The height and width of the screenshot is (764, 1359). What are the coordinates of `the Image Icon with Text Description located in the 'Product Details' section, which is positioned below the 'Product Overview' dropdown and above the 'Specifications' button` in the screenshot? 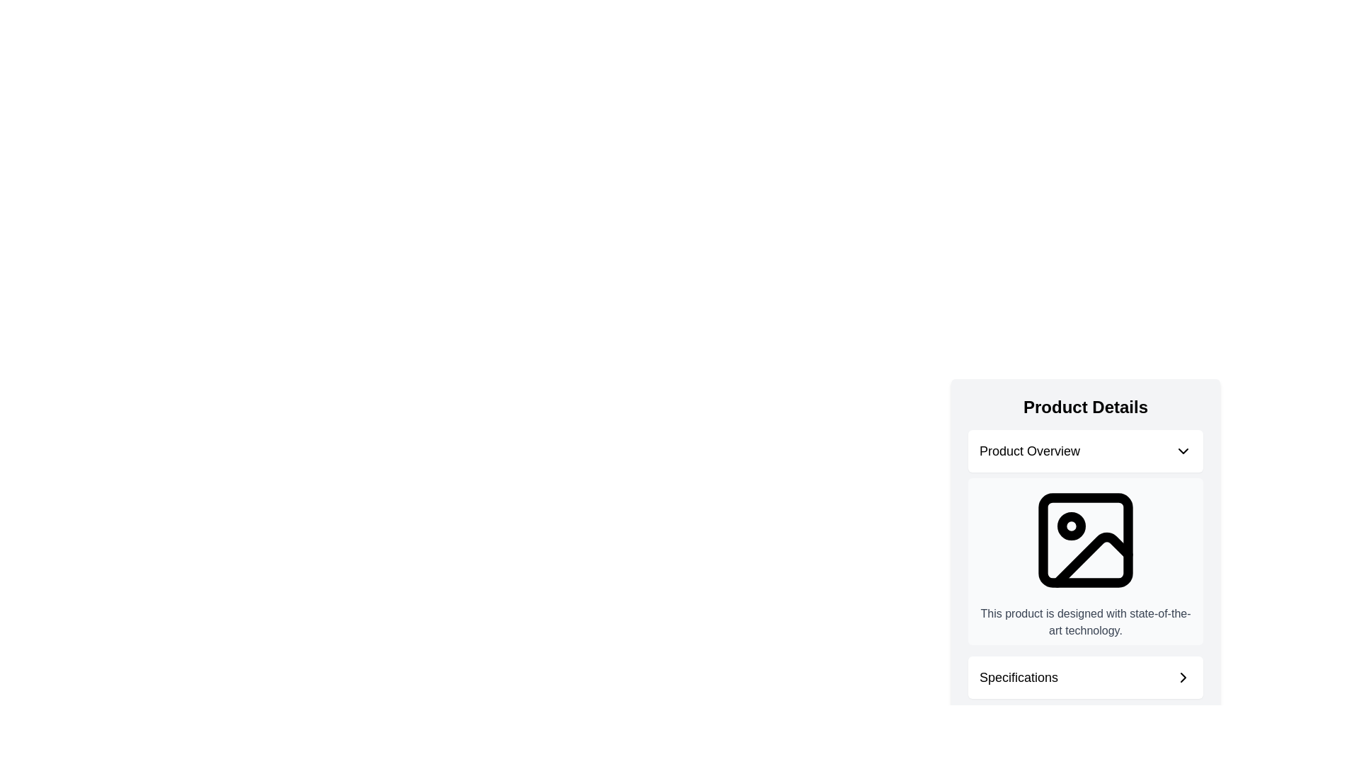 It's located at (1085, 533).